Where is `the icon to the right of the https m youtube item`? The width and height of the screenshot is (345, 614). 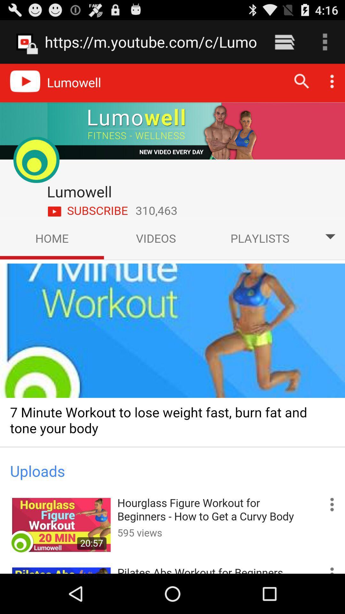
the icon to the right of the https m youtube item is located at coordinates (284, 42).